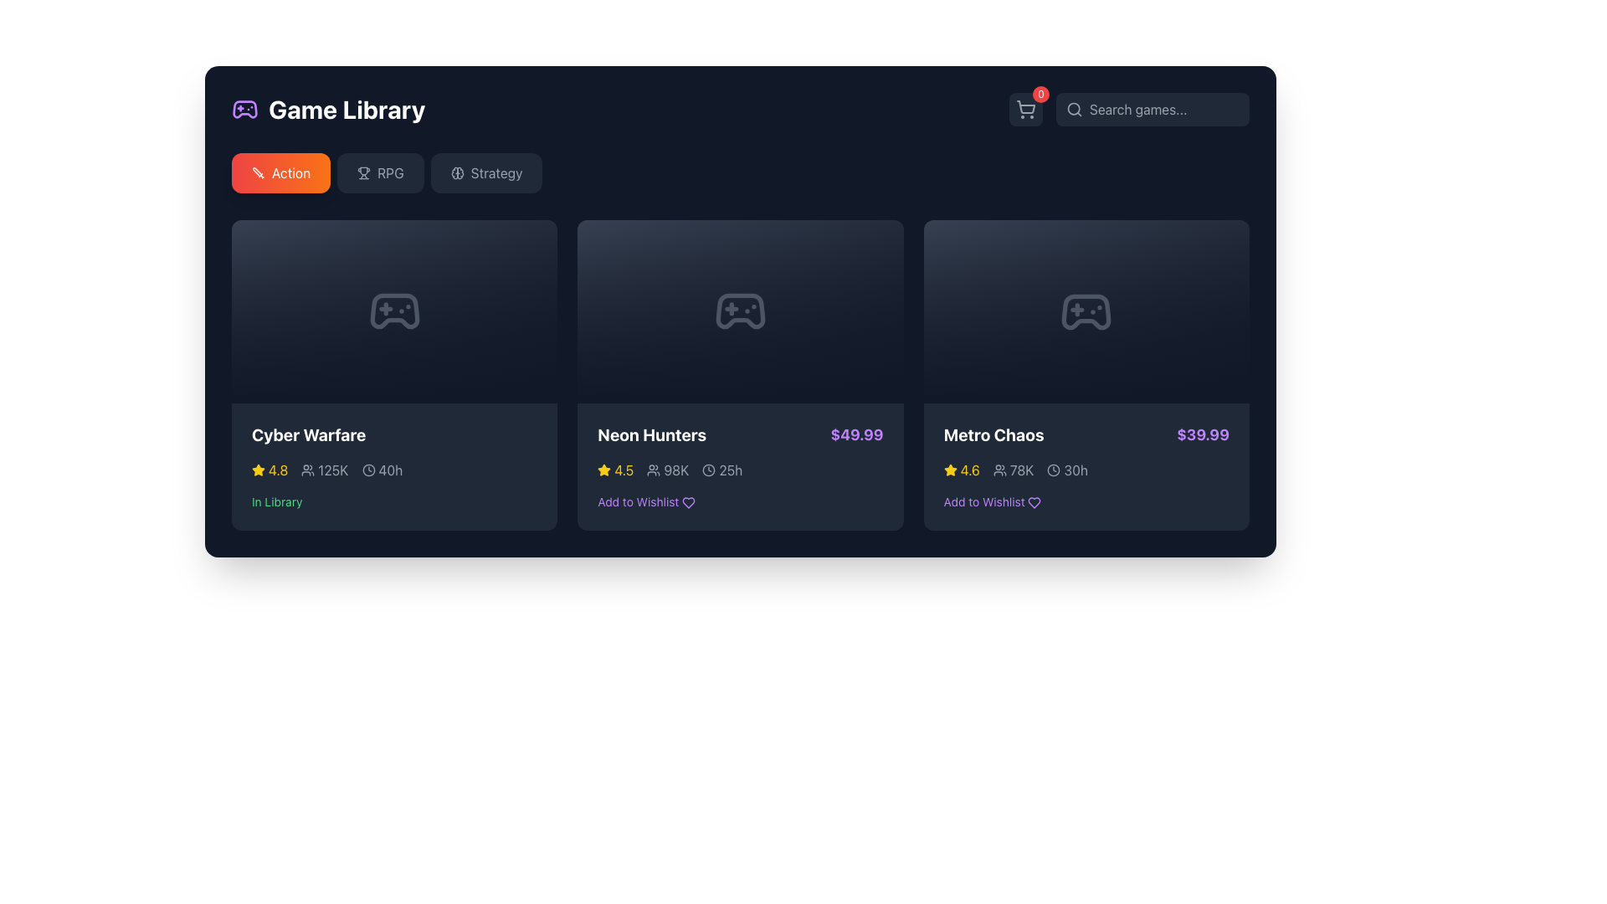 Image resolution: width=1607 pixels, height=904 pixels. What do you see at coordinates (1013, 470) in the screenshot?
I see `displayed text '78K' from the Statistical text indicator located within the 'Metro Chaos' card, positioned below the rating stars and close to the user icon` at bounding box center [1013, 470].